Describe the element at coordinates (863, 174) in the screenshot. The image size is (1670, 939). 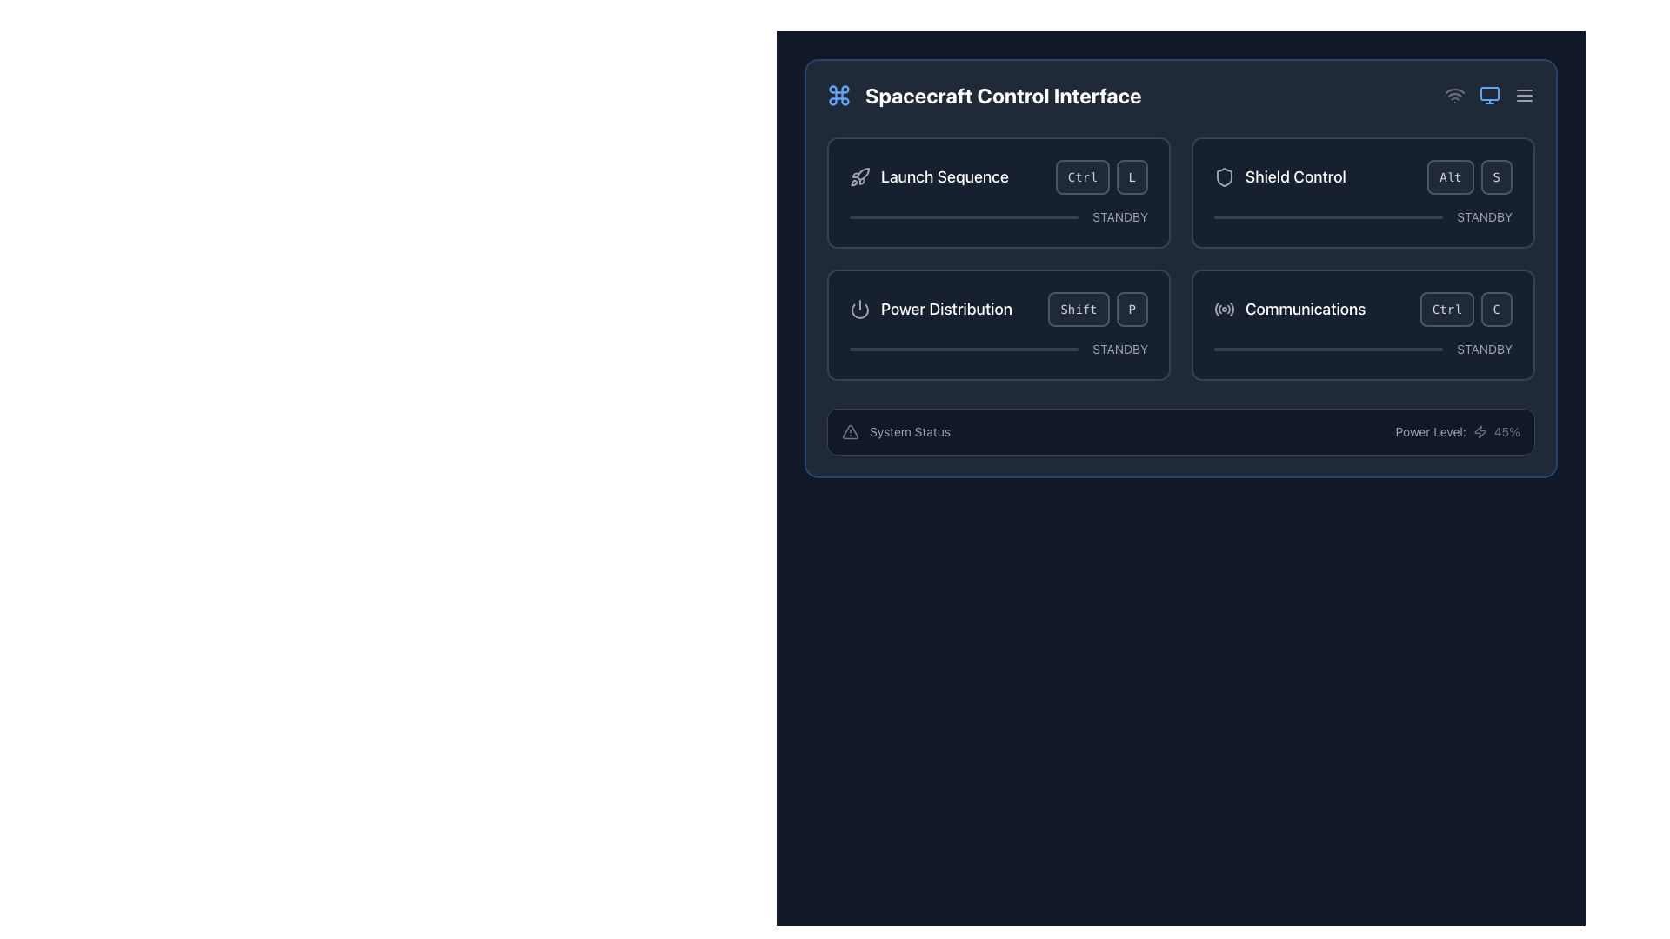
I see `the 'Launch Sequence' button which contains an icon signifying the action of launching or initiating sequences, located in the upper left corner of the button` at that location.